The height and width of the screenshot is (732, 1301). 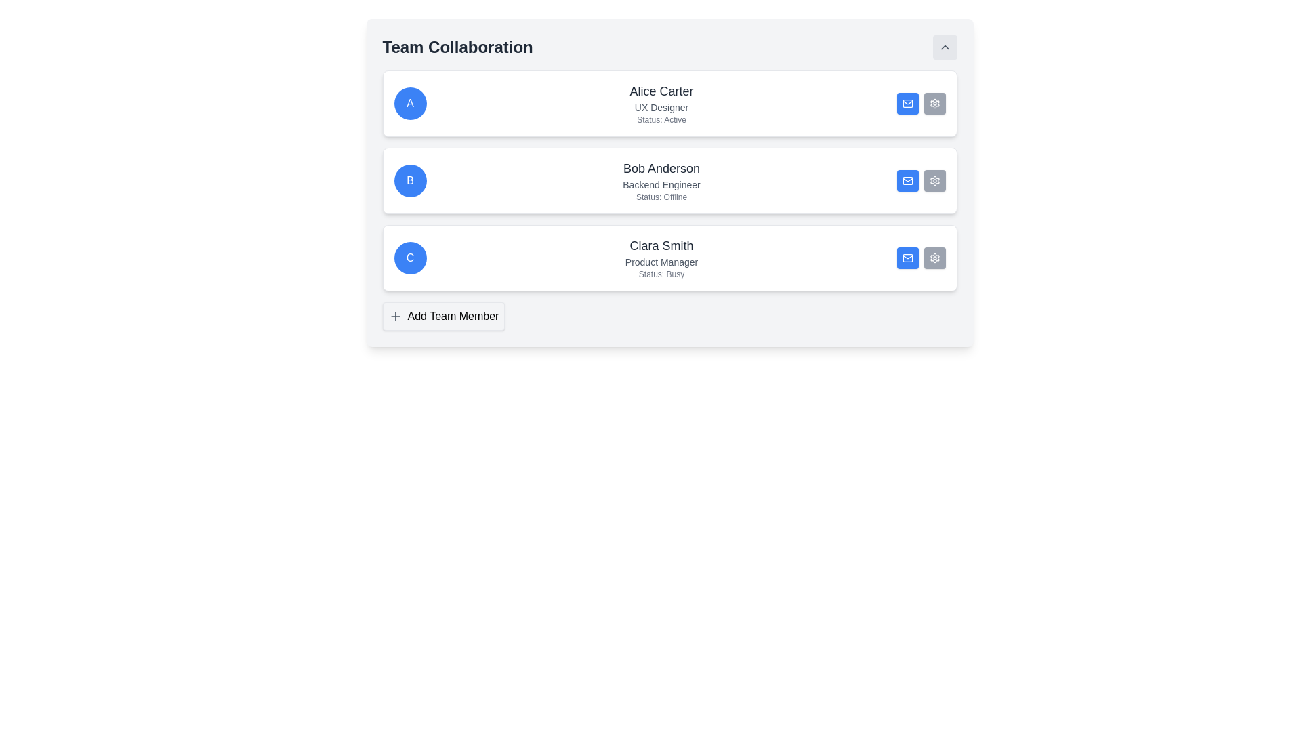 I want to click on the blue envelope icon located in the top-right corner of the card for 'Alice Carter' to interact with the messaging feature, so click(x=907, y=103).